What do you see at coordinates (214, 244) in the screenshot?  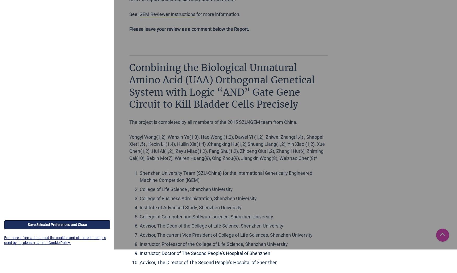 I see `'Instructor, Professor of the College of Life Science, Shenzhen University'` at bounding box center [214, 244].